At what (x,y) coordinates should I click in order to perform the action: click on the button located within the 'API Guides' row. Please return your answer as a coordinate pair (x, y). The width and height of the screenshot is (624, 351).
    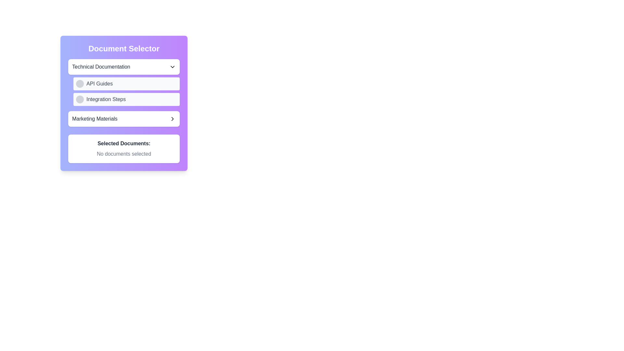
    Looking at the image, I should click on (79, 84).